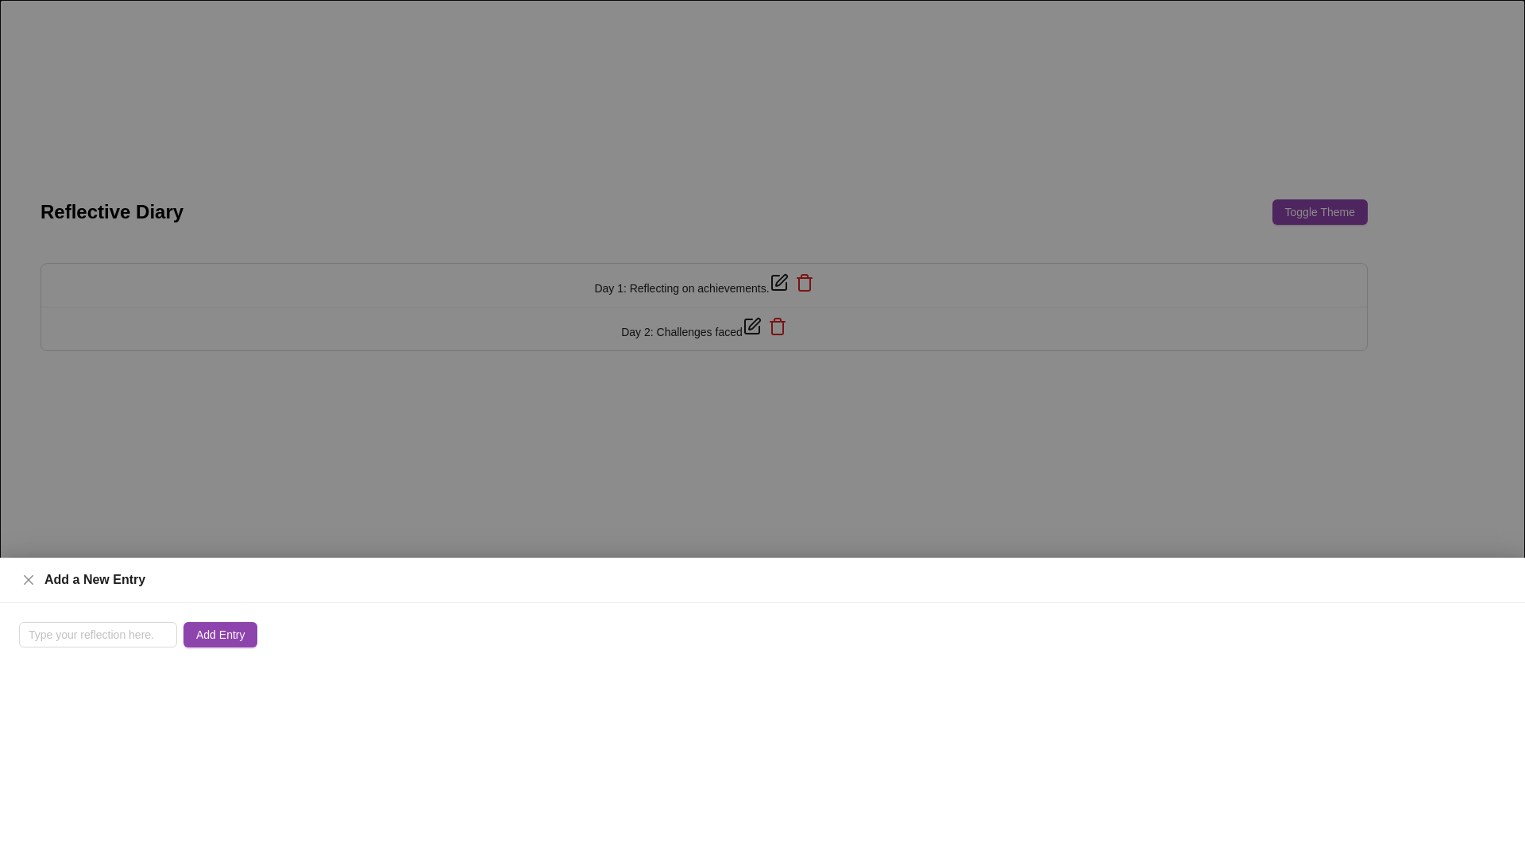  I want to click on the delete button located on the right side of the second diary entry row labeled 'Day 2: Challenges faced', so click(804, 281).